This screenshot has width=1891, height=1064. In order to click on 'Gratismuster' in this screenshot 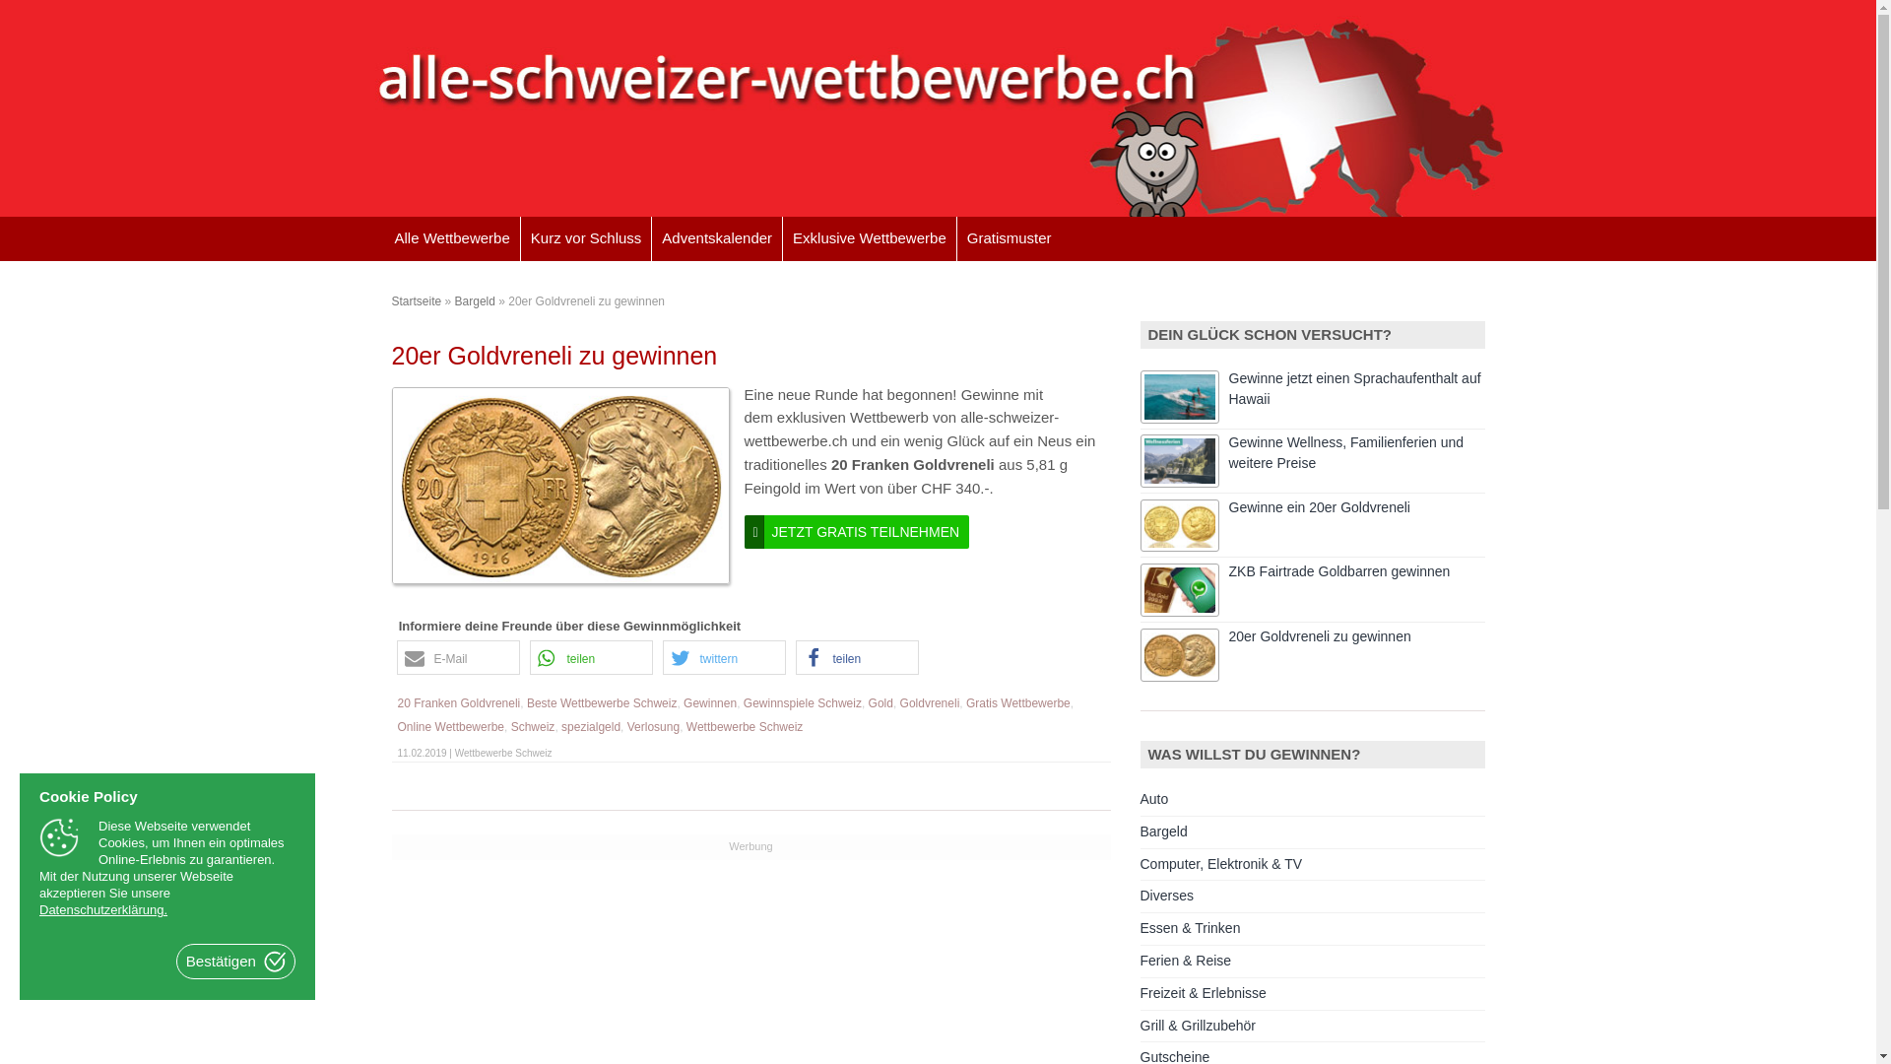, I will do `click(1010, 236)`.